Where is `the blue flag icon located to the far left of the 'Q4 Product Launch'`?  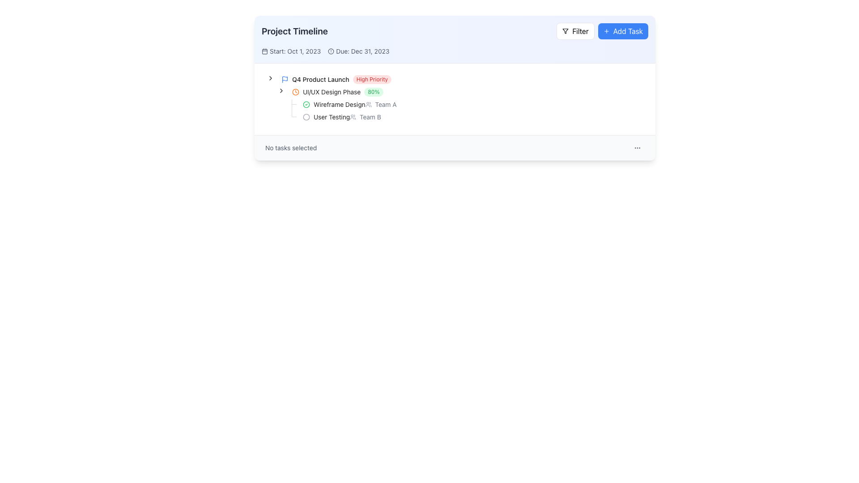 the blue flag icon located to the far left of the 'Q4 Product Launch' is located at coordinates (285, 79).